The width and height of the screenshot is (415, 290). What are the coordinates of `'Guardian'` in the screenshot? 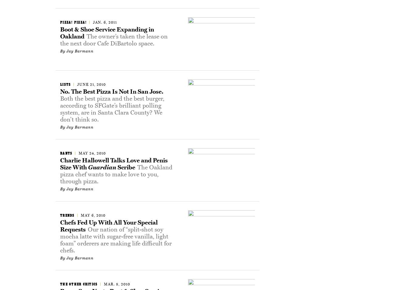 It's located at (102, 167).